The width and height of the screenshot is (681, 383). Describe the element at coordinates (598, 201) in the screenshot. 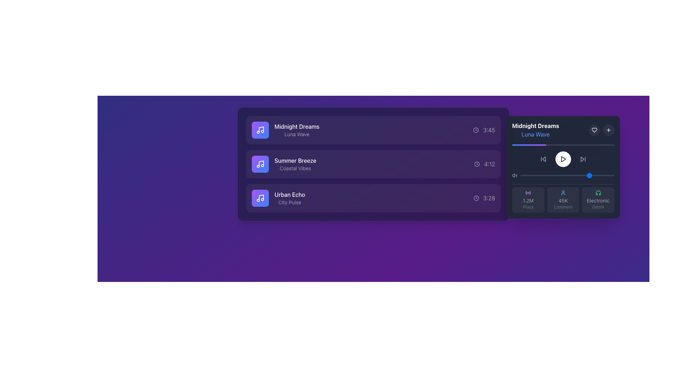

I see `the text label displaying the genre name 'Electronic', which is located under a green headphones icon and above the text label 'Genre' within a user interface card` at that location.